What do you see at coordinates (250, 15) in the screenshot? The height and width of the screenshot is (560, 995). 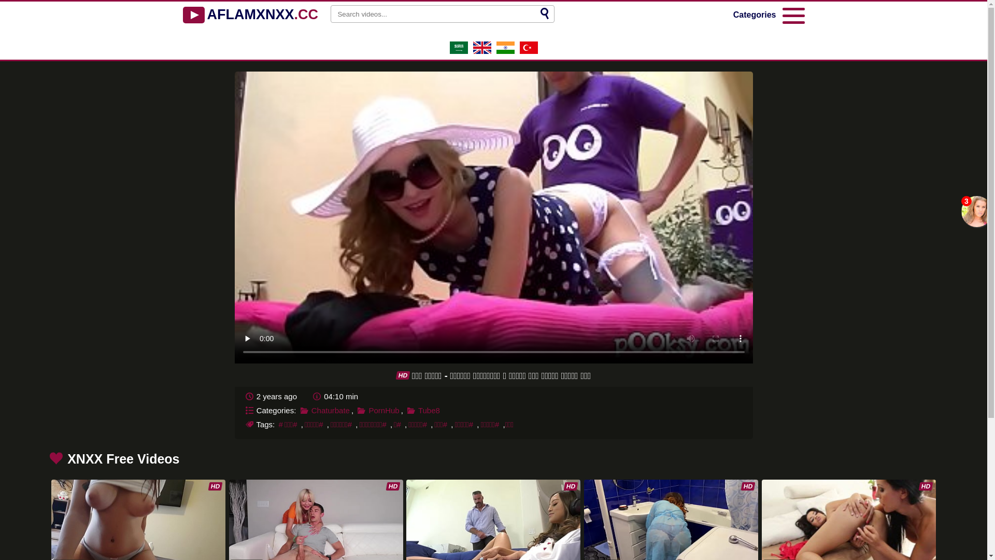 I see `'AFLAMXNXX.CC'` at bounding box center [250, 15].